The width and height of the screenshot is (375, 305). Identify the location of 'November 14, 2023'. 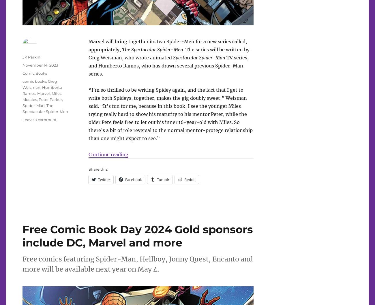
(40, 65).